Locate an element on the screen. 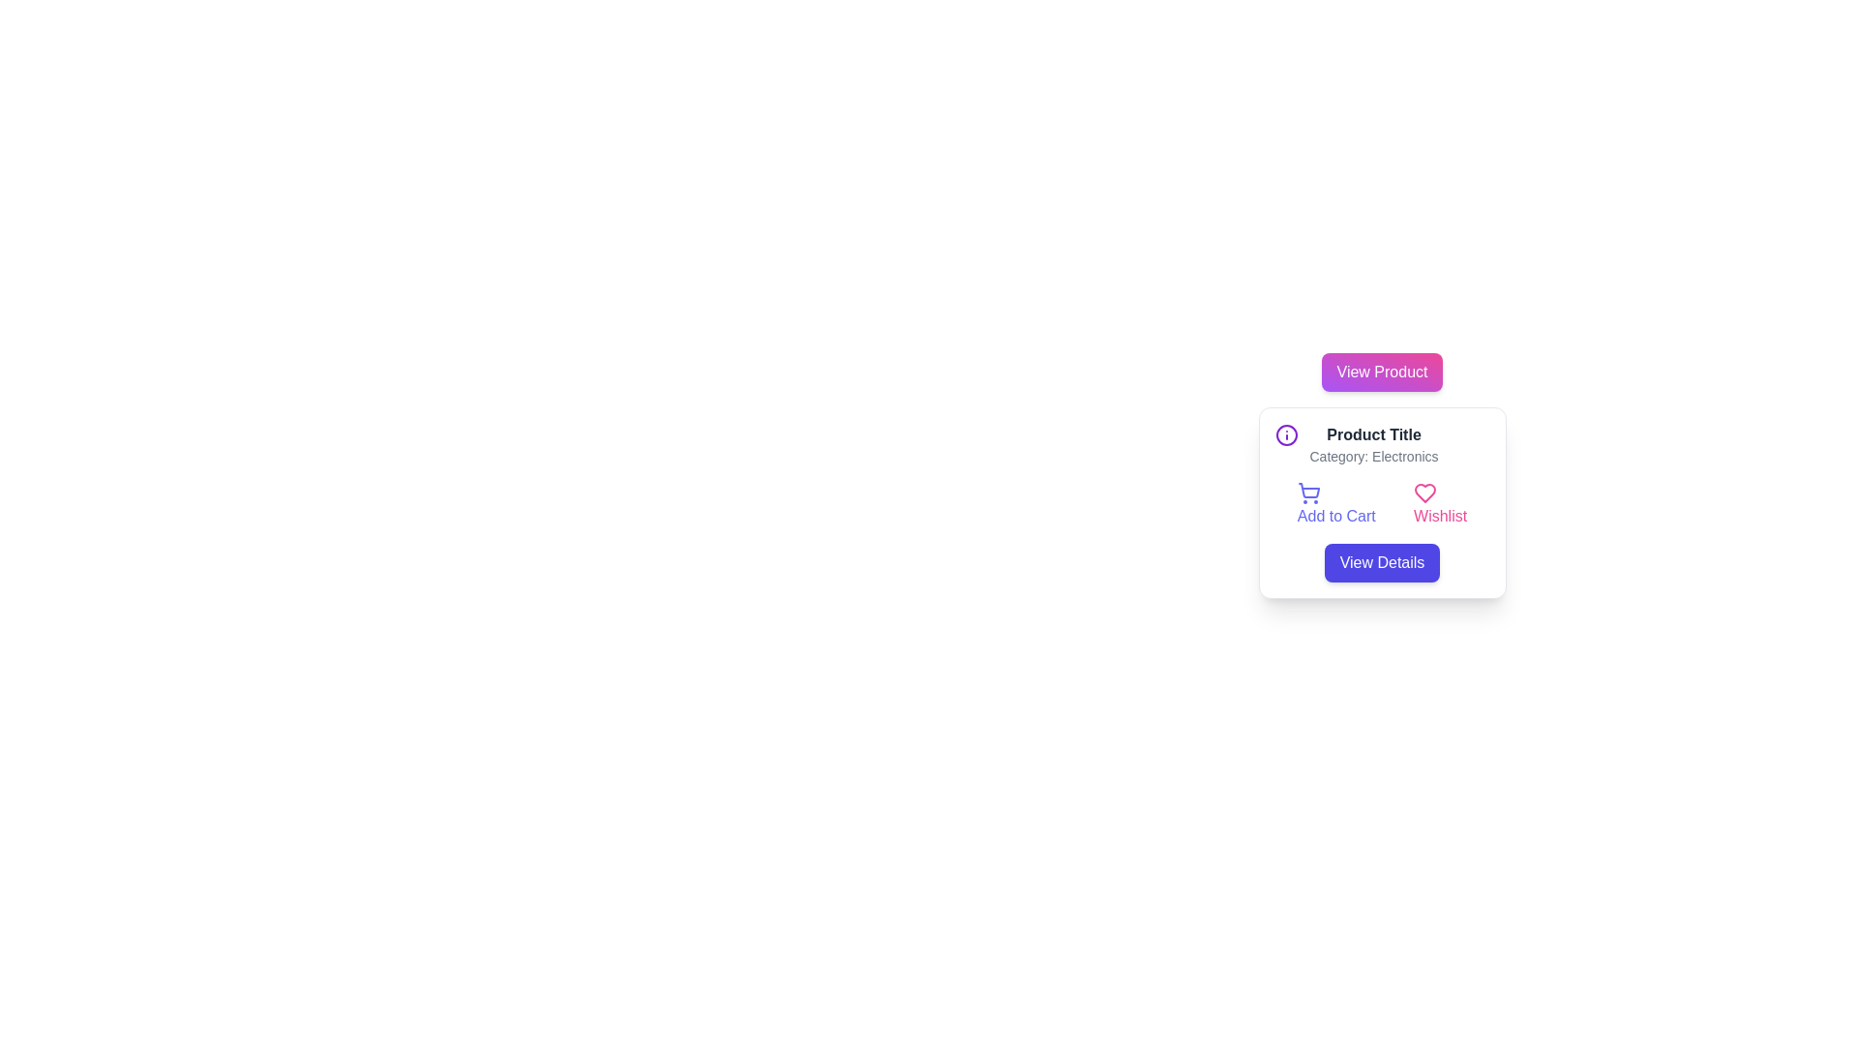 This screenshot has height=1045, width=1858. the shopping cart icon that visually represents the cart component in the interface, located to the left of the 'Add to Cart' label is located at coordinates (1308, 490).